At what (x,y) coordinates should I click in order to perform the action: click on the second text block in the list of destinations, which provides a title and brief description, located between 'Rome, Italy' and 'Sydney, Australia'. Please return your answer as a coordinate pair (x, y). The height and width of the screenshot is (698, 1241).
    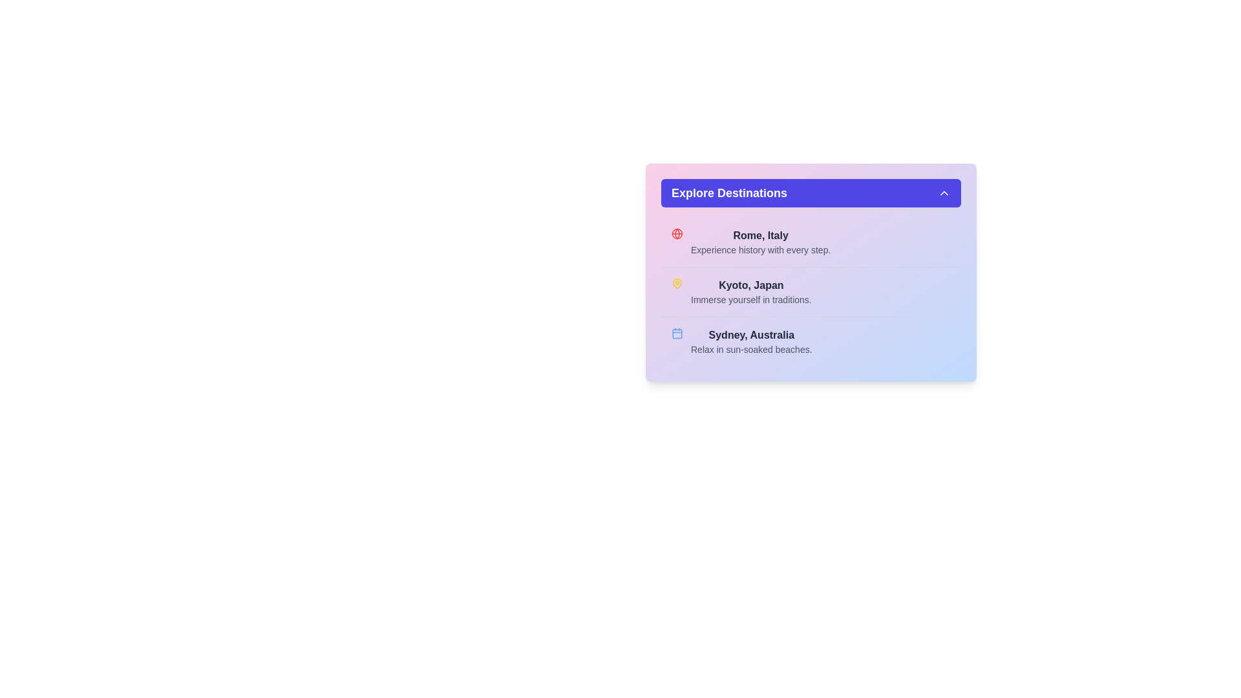
    Looking at the image, I should click on (751, 291).